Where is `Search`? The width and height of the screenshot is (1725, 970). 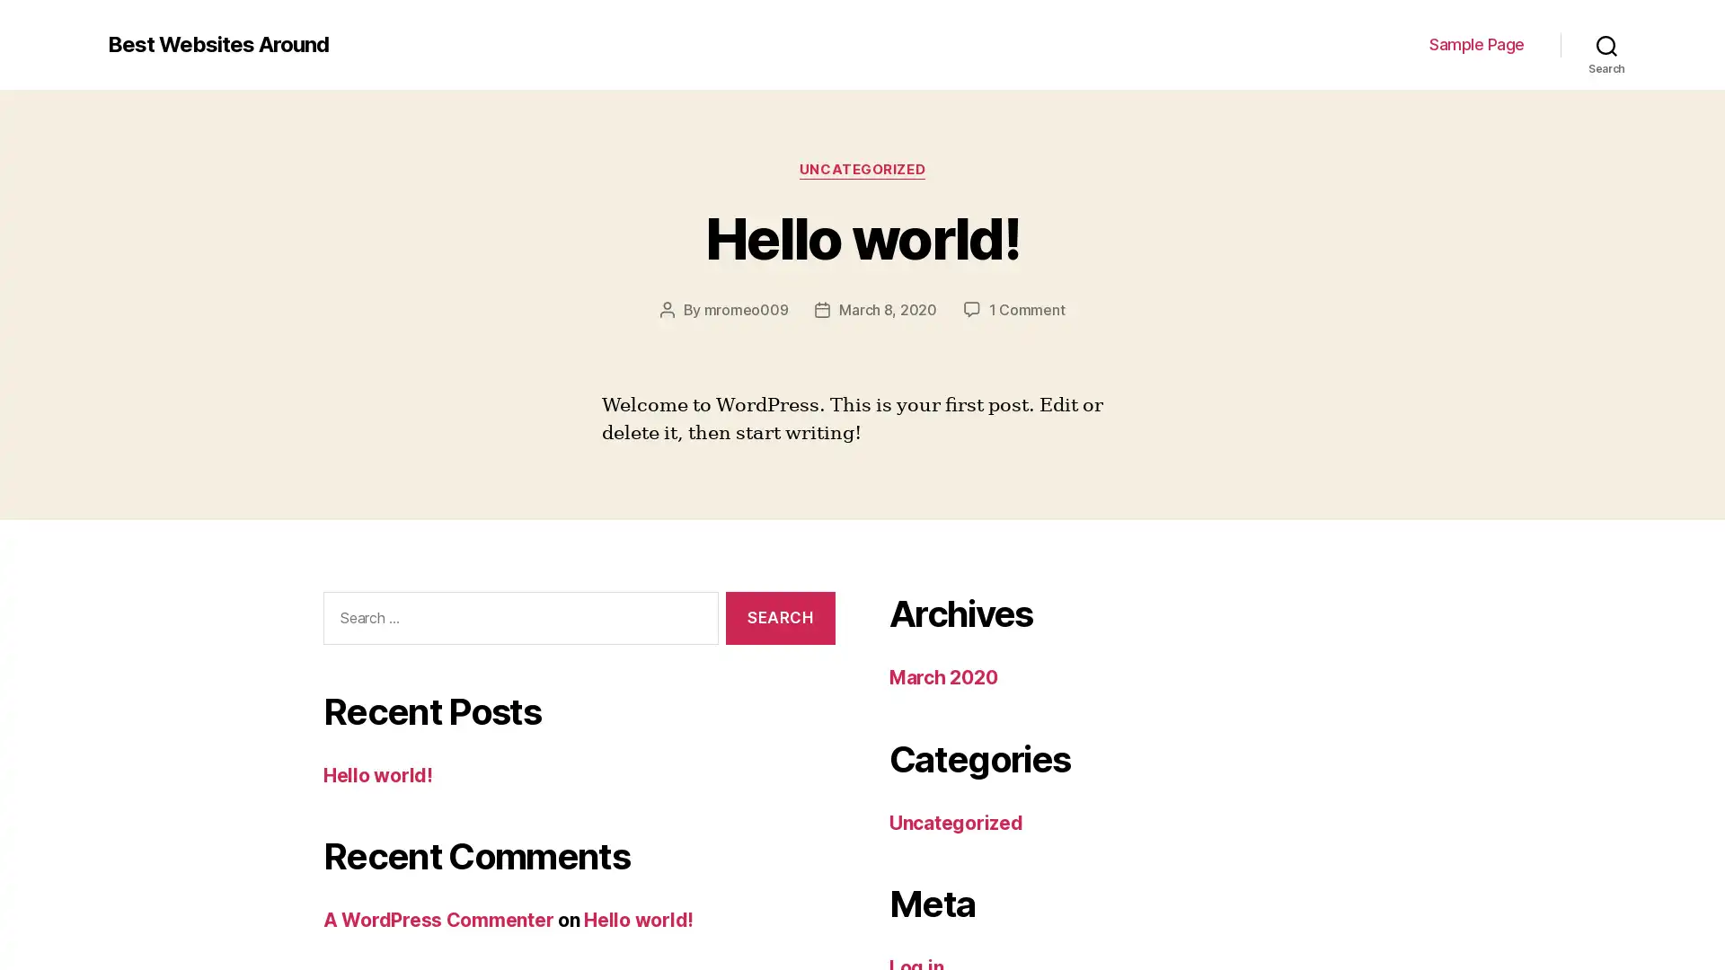
Search is located at coordinates (1606, 44).